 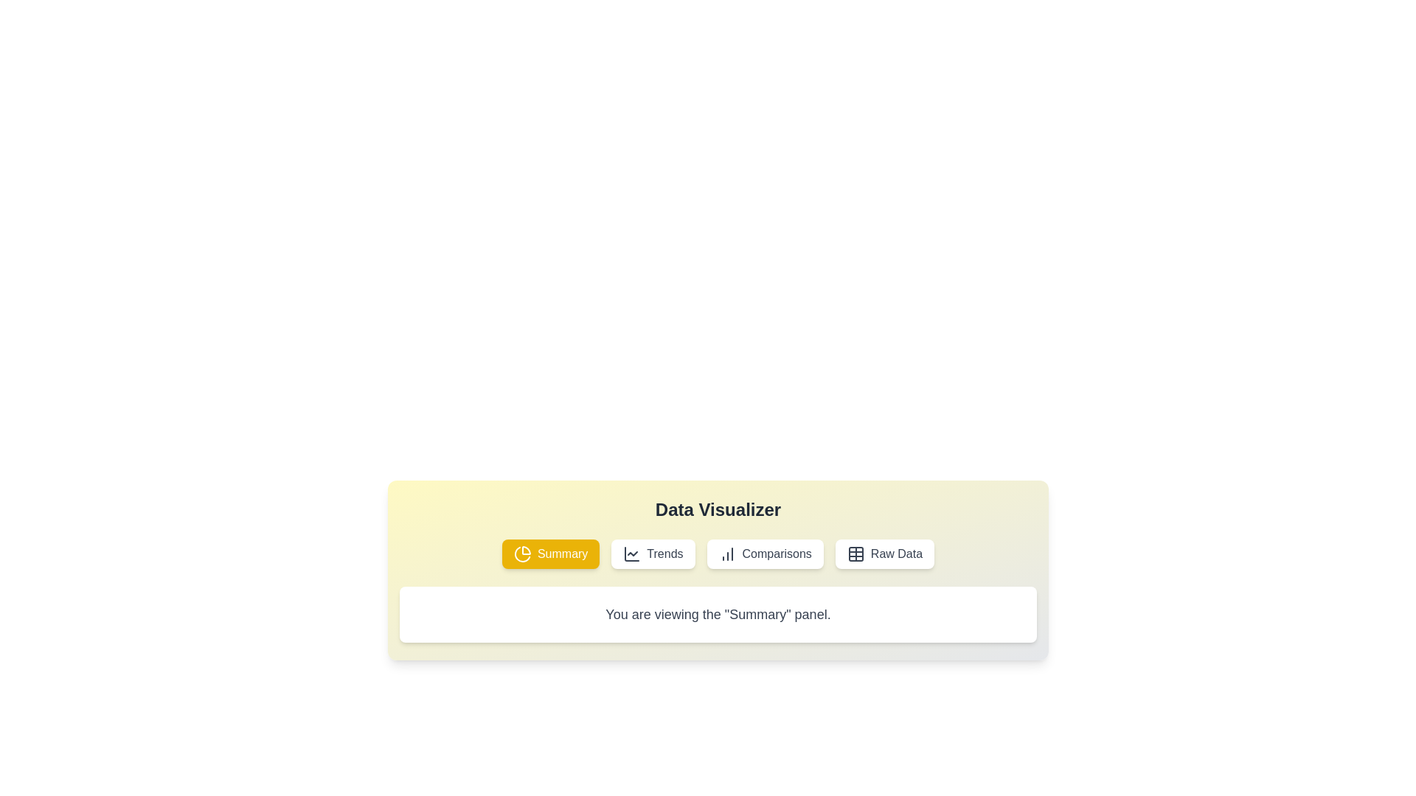 I want to click on the central text element styled with a larger font size and medium weight, positioned in a white rounded box near the bottom center of the interface, so click(x=718, y=614).